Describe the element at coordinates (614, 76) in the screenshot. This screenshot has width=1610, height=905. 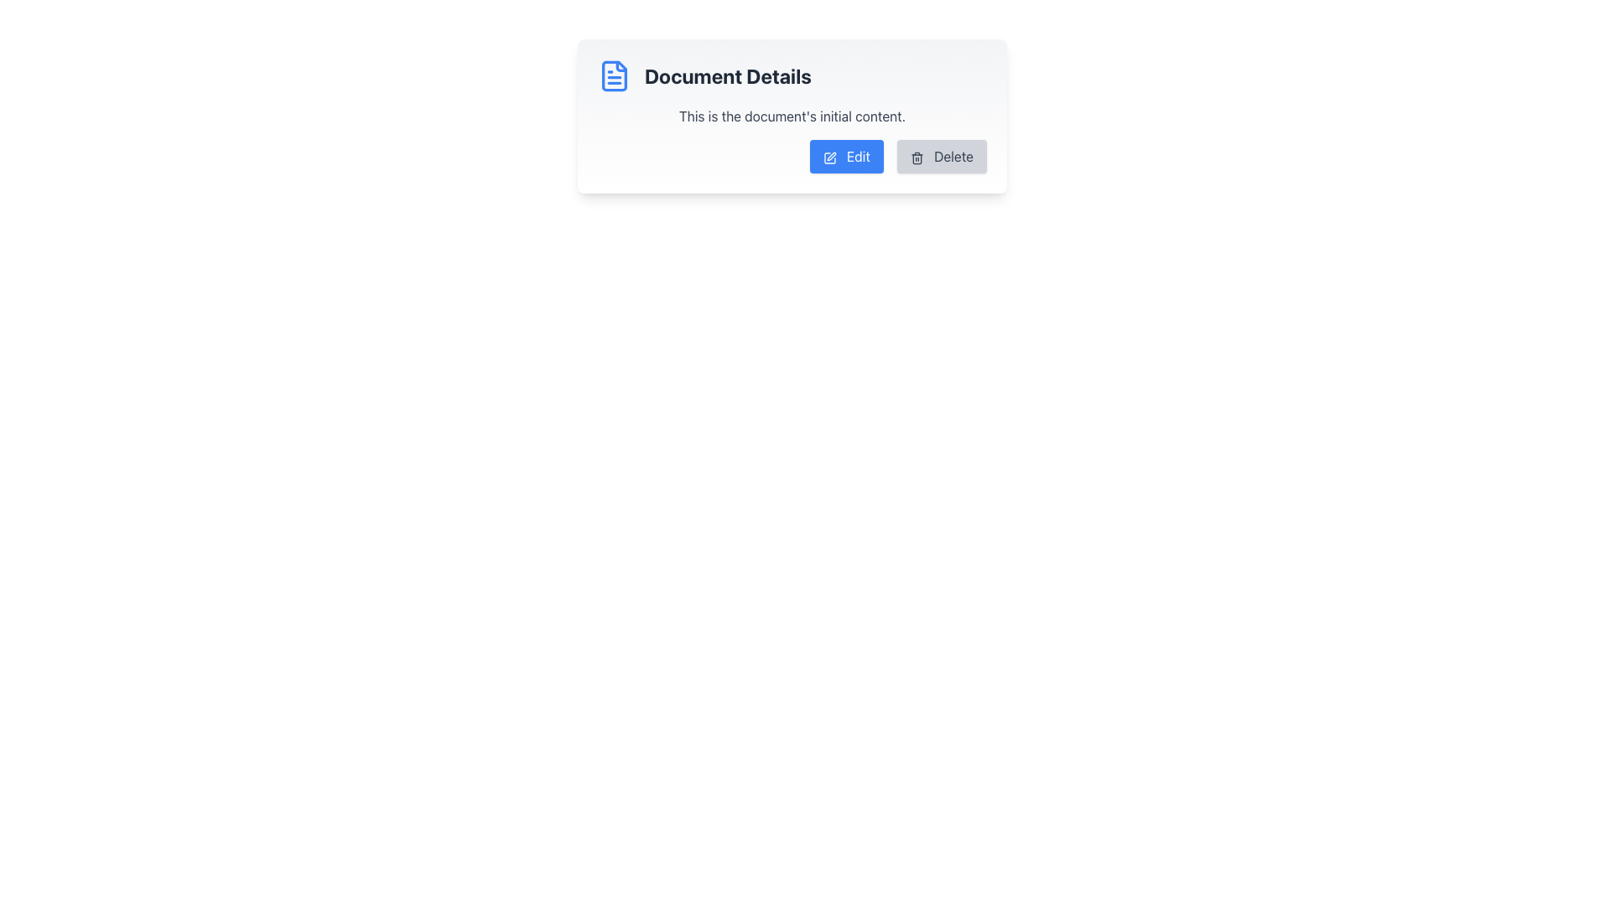
I see `the document icon, which is a blue rectangular shape with text-like lines and a folded top-right corner, located to the left of the 'Document Details' title` at that location.